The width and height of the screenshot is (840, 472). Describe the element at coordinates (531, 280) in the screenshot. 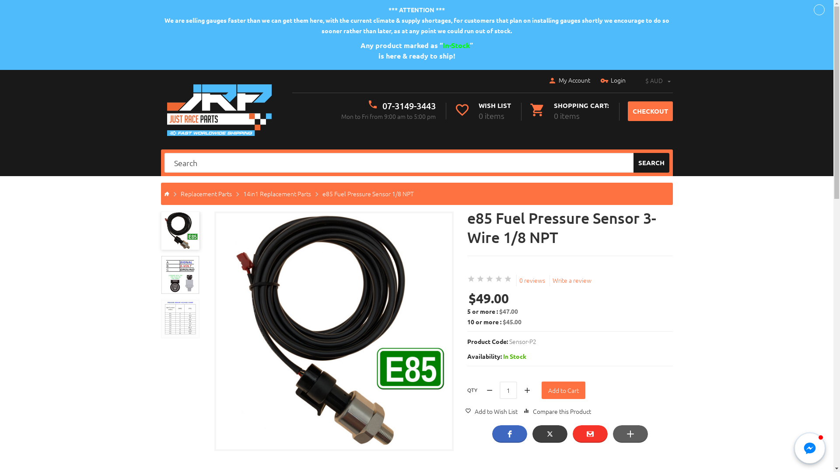

I see `'0 reviews'` at that location.